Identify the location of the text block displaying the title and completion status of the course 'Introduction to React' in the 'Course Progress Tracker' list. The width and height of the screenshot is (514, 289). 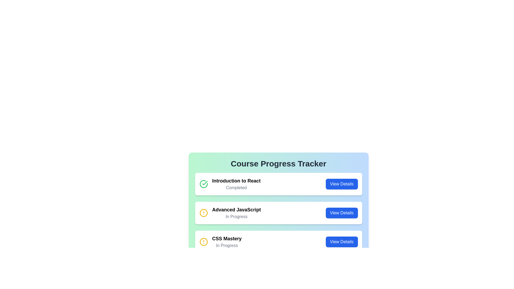
(236, 184).